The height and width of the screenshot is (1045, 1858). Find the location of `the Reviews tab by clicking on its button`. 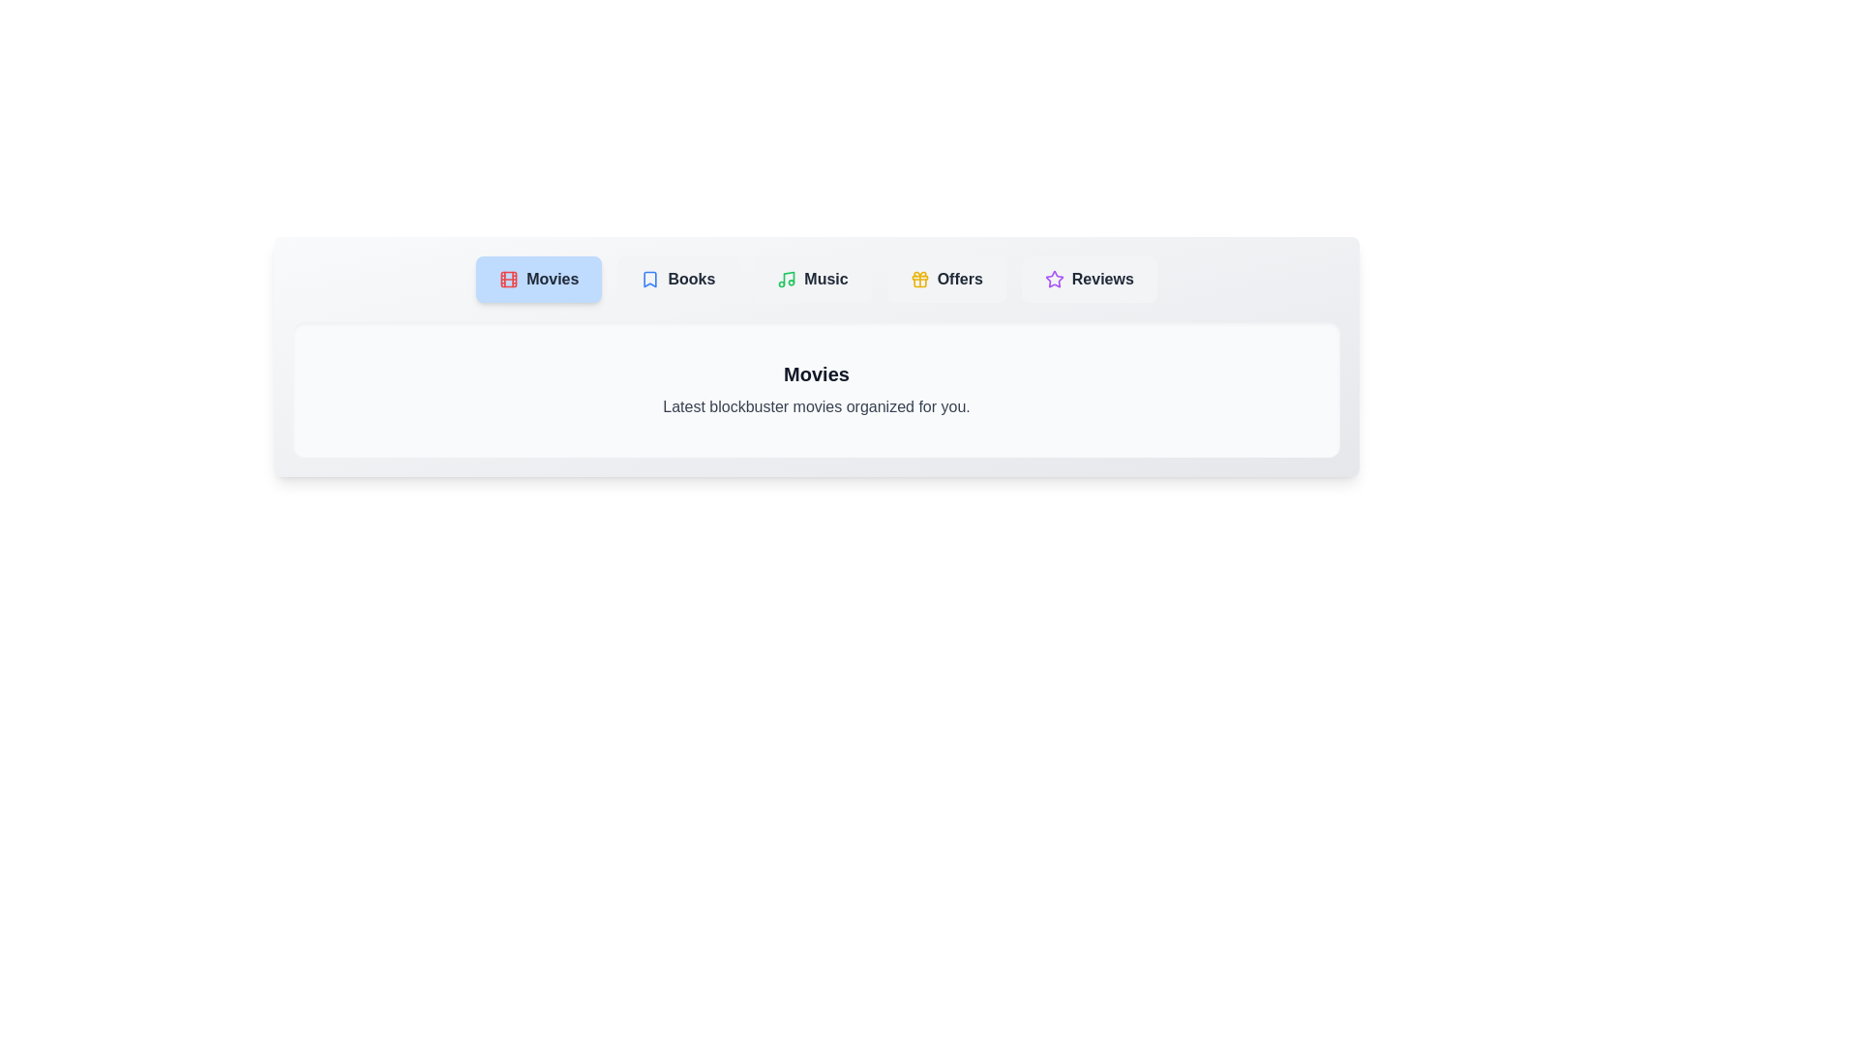

the Reviews tab by clicking on its button is located at coordinates (1089, 280).